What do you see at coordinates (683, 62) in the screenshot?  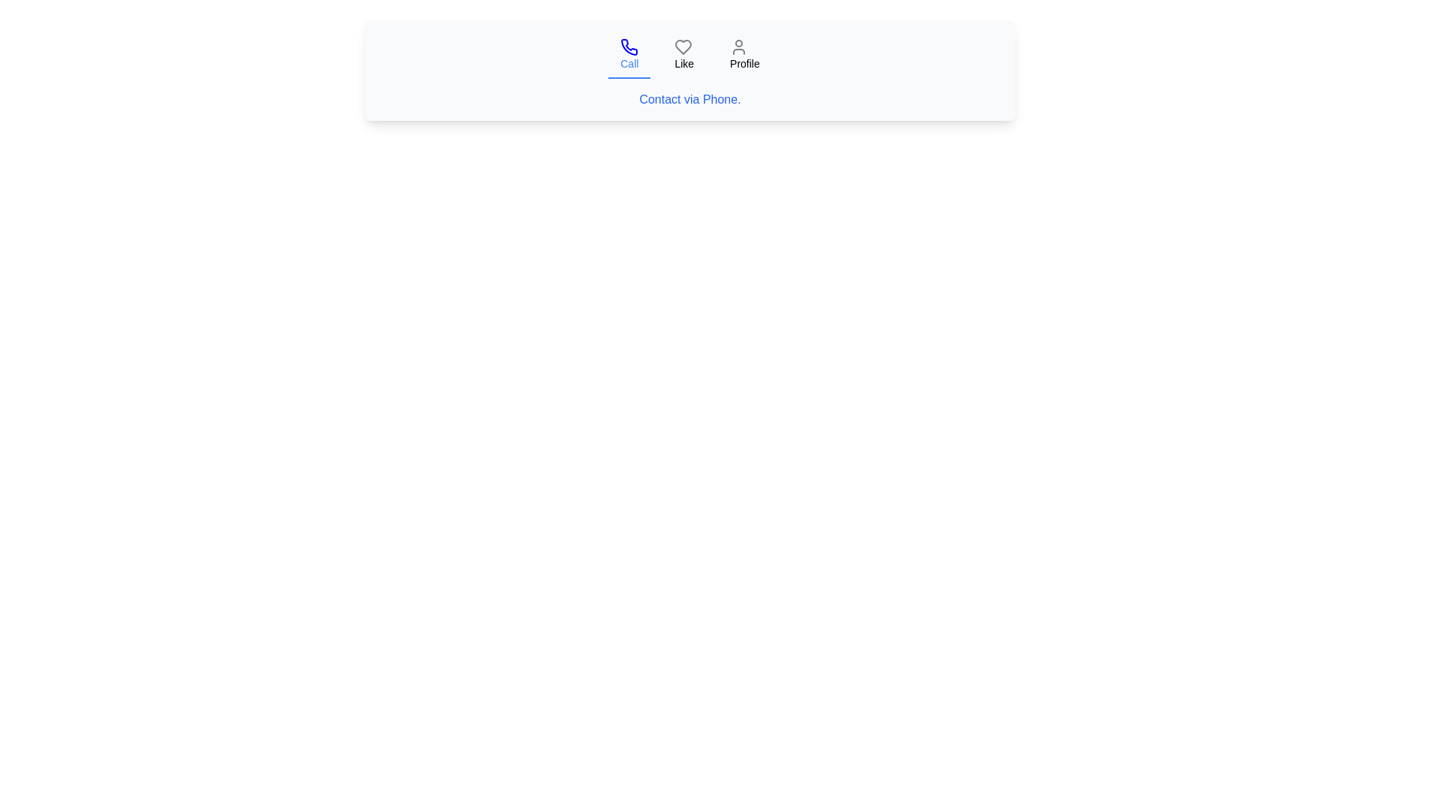 I see `the label that indicates the purpose of the 'like' button, positioned below the heart icon and between the 'Call' and 'Profile' buttons` at bounding box center [683, 62].